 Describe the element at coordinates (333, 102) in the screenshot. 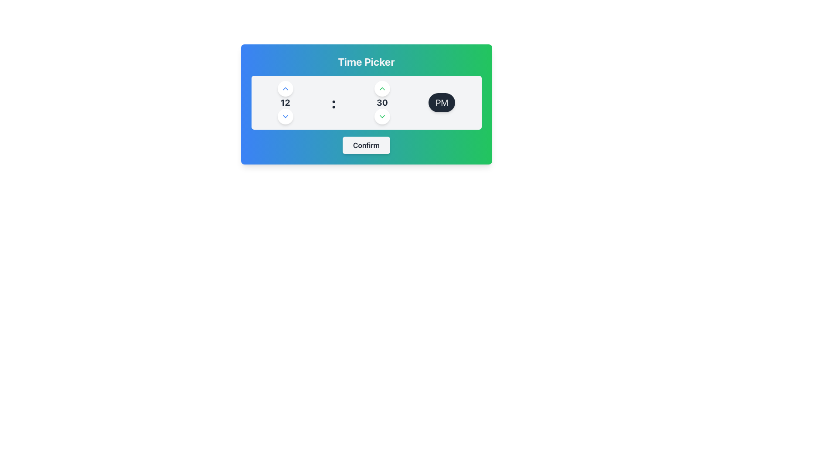

I see `the colon (:) text label displayed in a large, bold, dark gray font, which separates the hours and minutes in the time selection interface` at that location.